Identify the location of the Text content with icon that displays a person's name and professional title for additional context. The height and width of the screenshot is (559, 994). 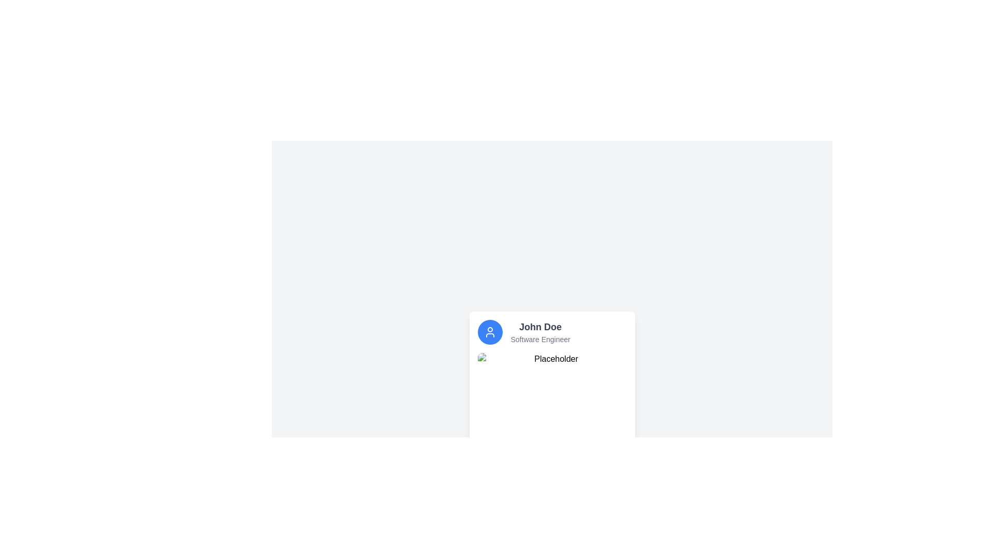
(551, 332).